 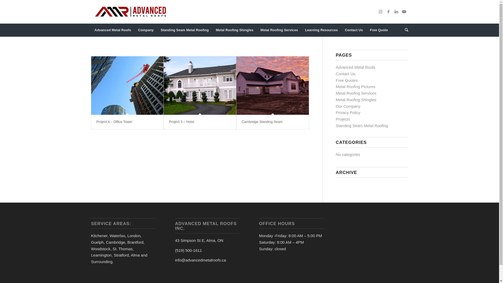 What do you see at coordinates (392, 12) in the screenshot?
I see `'LinkedIn'` at bounding box center [392, 12].